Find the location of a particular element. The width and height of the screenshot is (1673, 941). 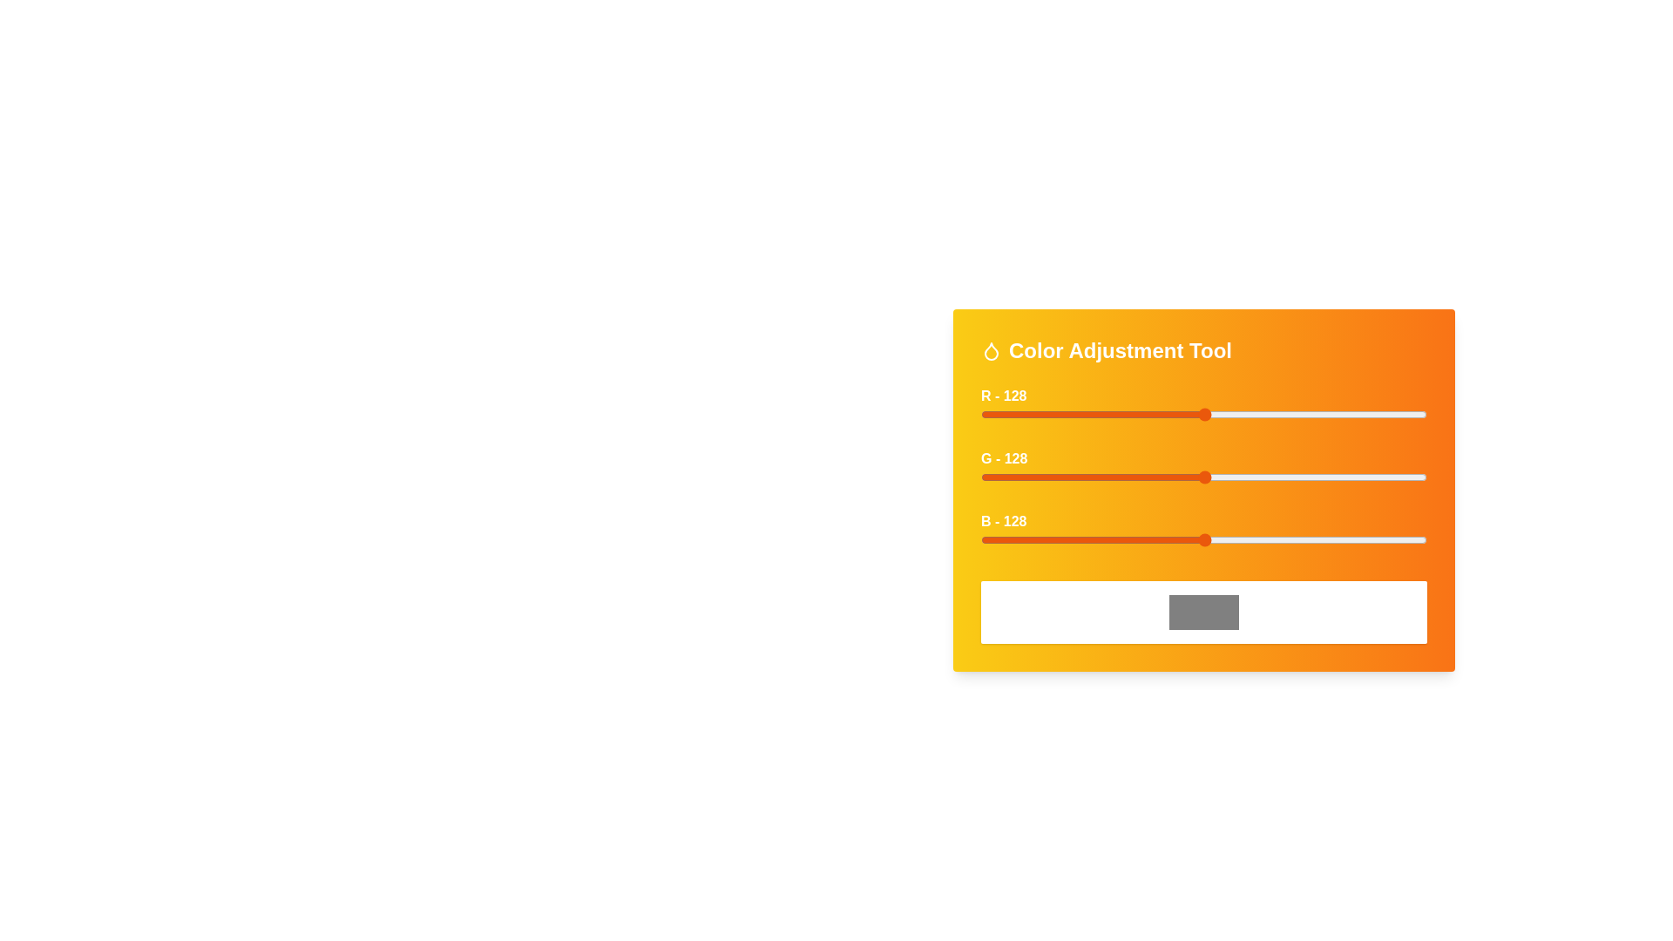

the green slider to set the green intensity to 172 is located at coordinates (1282, 477).